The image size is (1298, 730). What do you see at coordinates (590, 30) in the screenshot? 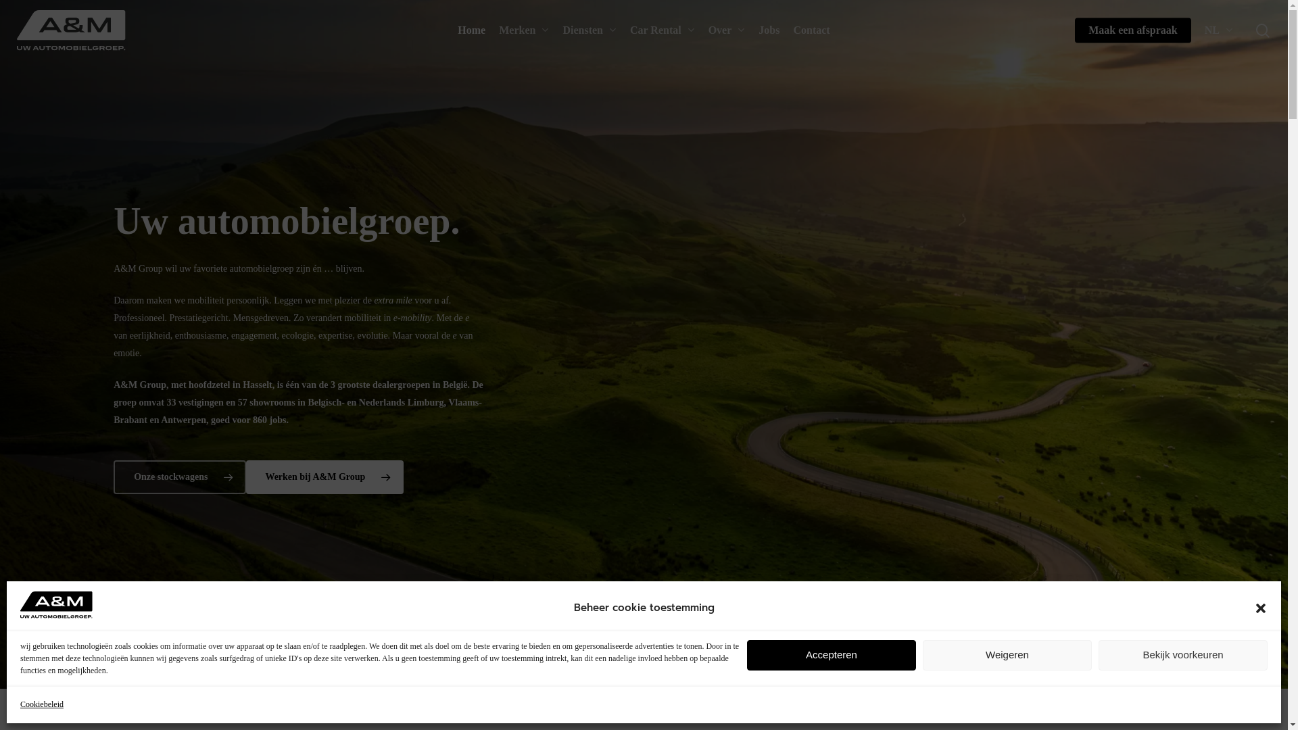
I see `'Diensten'` at bounding box center [590, 30].